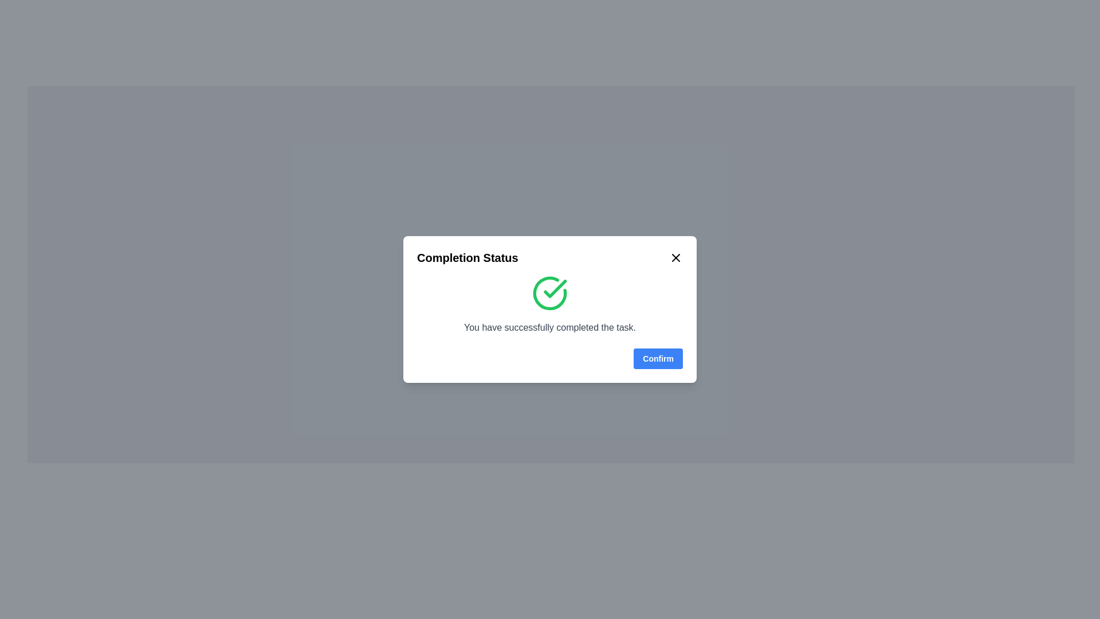 The image size is (1100, 619). What do you see at coordinates (550, 293) in the screenshot?
I see `the green circular checkmark icon, which is located centrally in the dialog box above the message 'You have successfully completed the task.' and below the heading 'Completion Status.'` at bounding box center [550, 293].